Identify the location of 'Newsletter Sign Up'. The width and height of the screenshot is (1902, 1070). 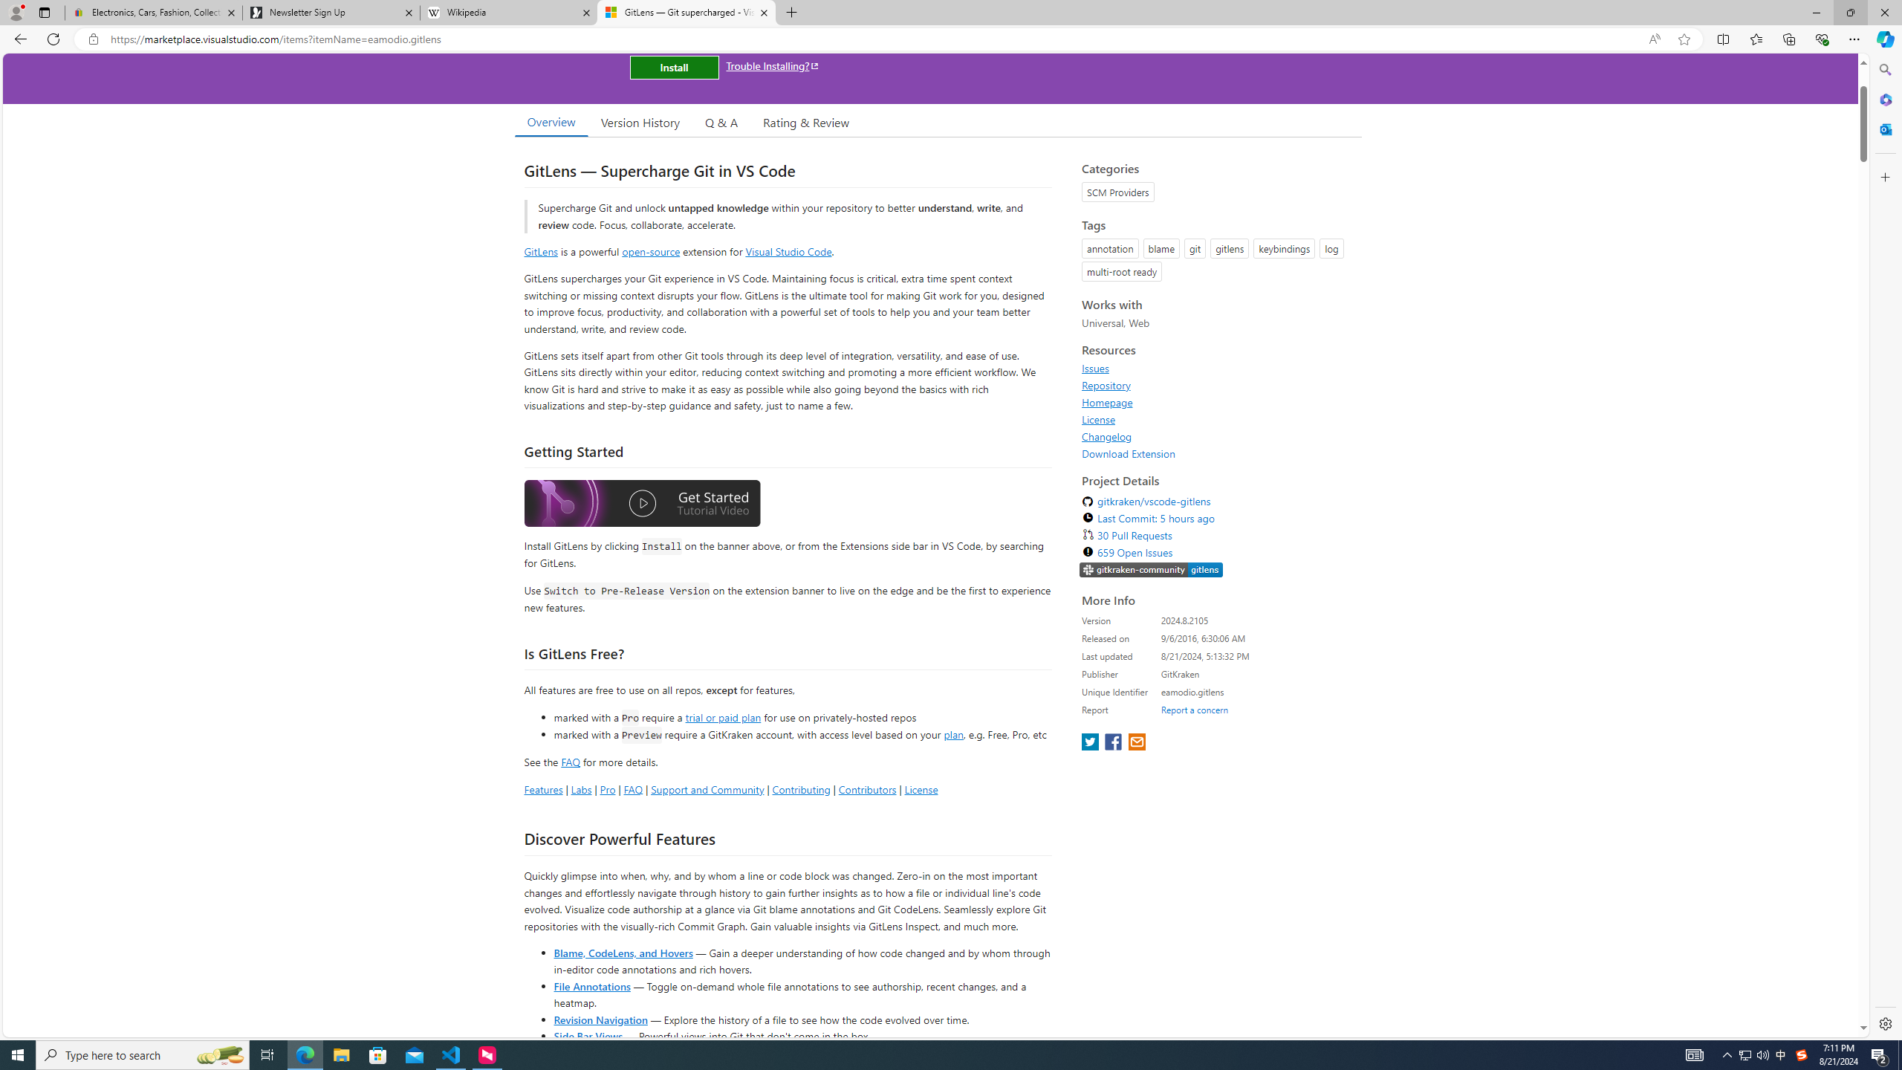
(330, 12).